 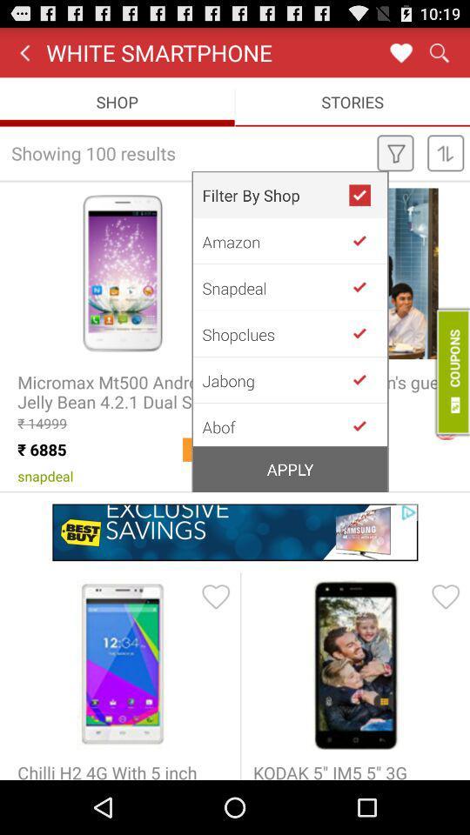 I want to click on to include/do not include this shop, so click(x=366, y=287).